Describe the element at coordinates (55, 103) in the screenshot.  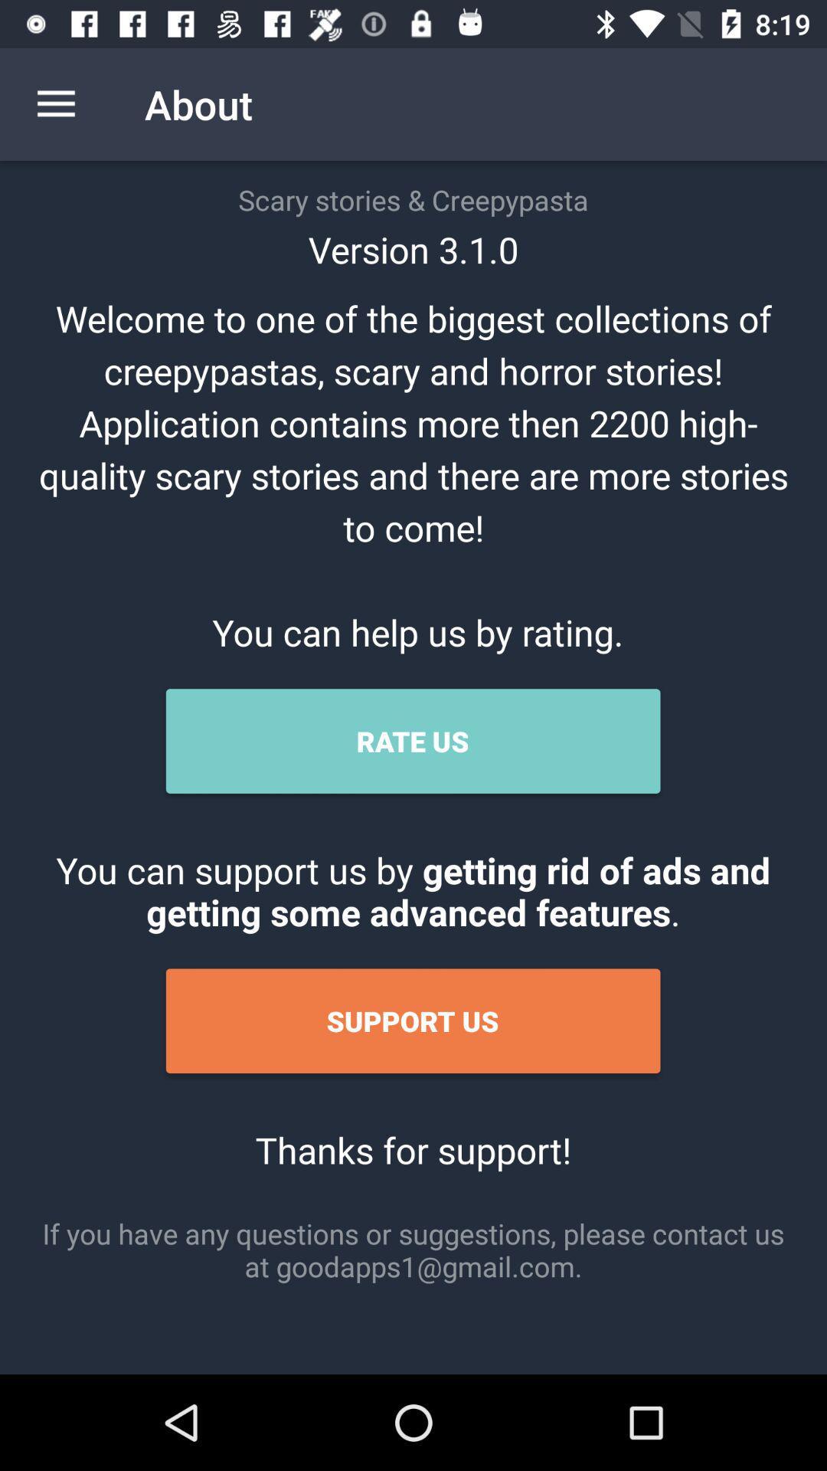
I see `item next to about icon` at that location.